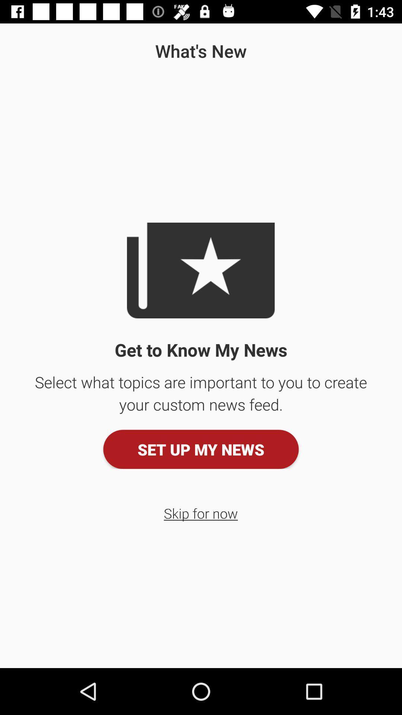  I want to click on icon below set up my icon, so click(200, 513).